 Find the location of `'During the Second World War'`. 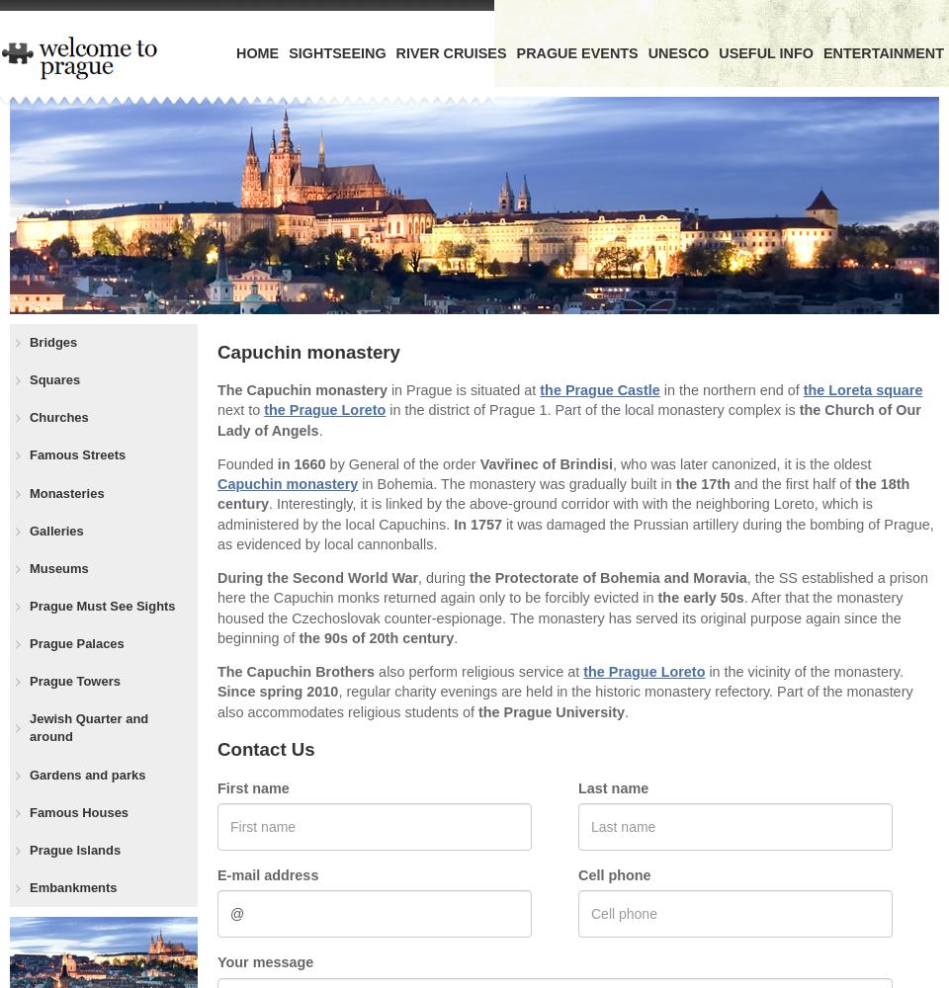

'During the Second World War' is located at coordinates (317, 577).